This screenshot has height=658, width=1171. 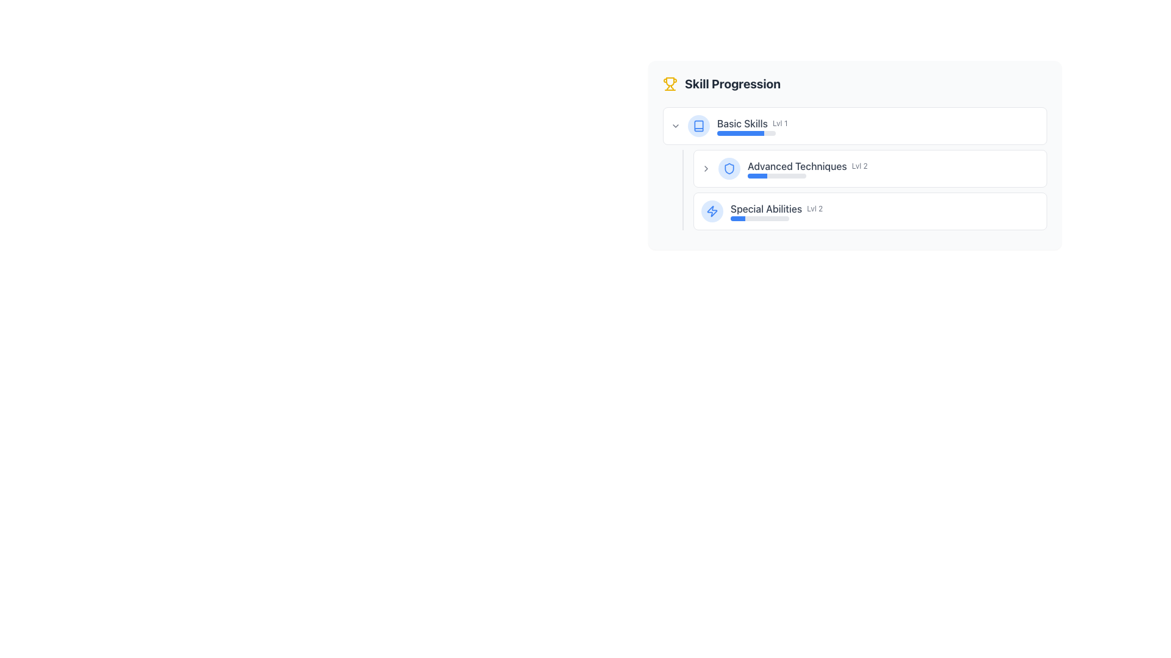 I want to click on the Progress bar segment indicating one-third completion of the 'Advanced Techniques' skill next to the 'Advanced Techniques Lv 2' label, so click(x=757, y=176).